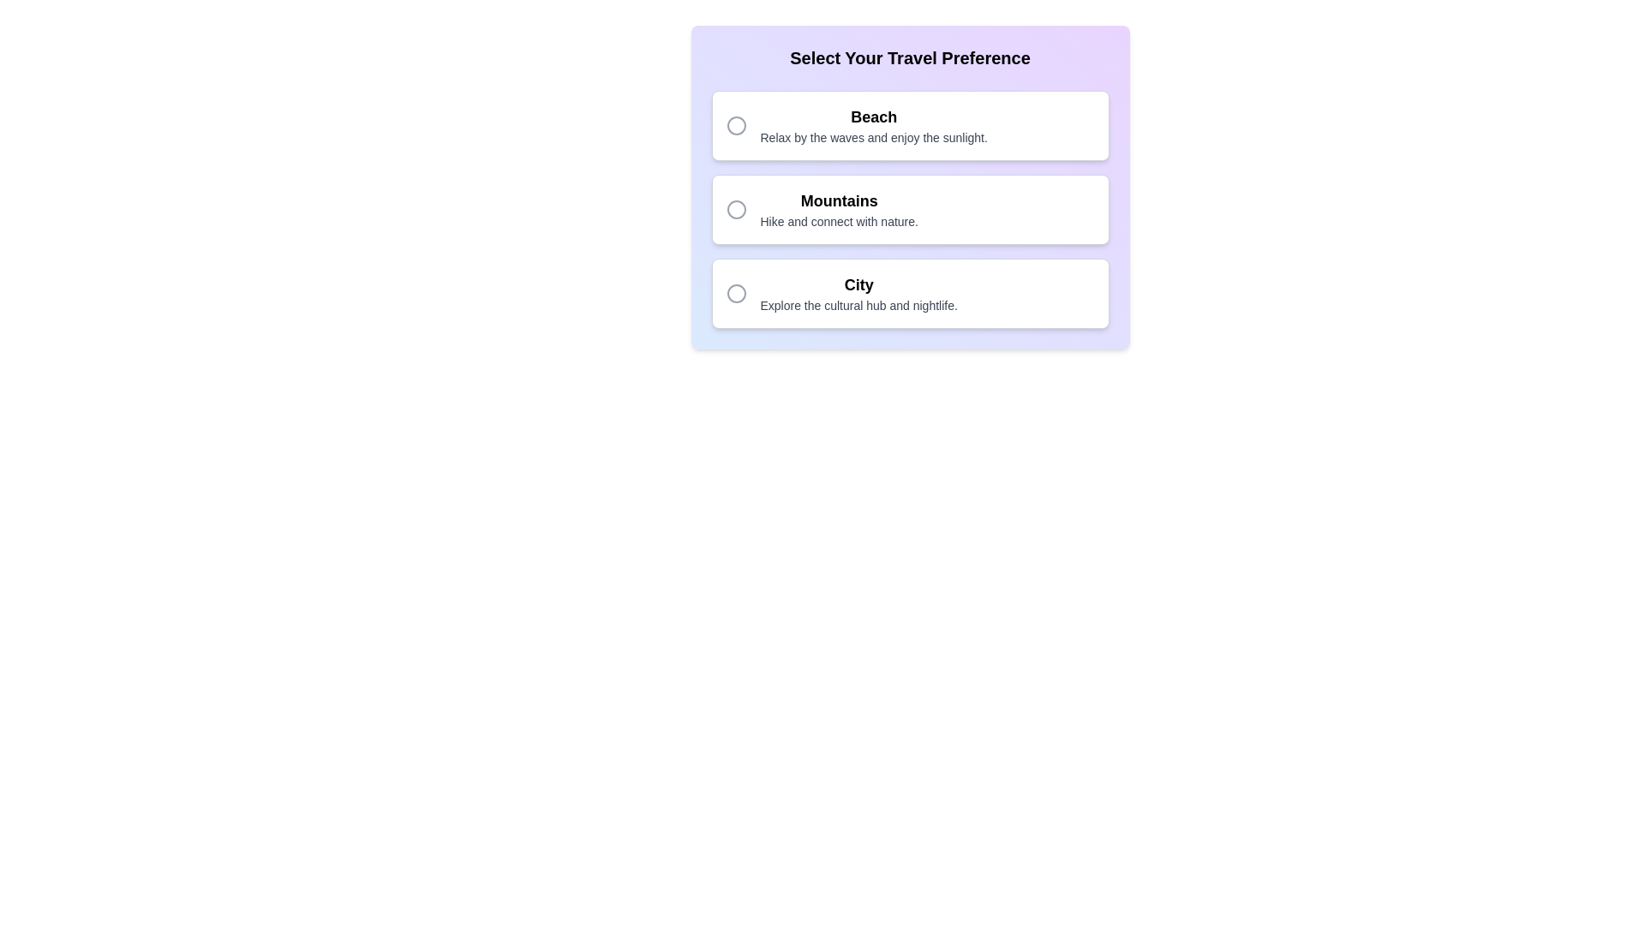 The width and height of the screenshot is (1645, 925). I want to click on the SVG Circle Indicator that visually marks the selected option in the list of radiobutton choices for 'Select Your Travel Preference', so click(736, 124).